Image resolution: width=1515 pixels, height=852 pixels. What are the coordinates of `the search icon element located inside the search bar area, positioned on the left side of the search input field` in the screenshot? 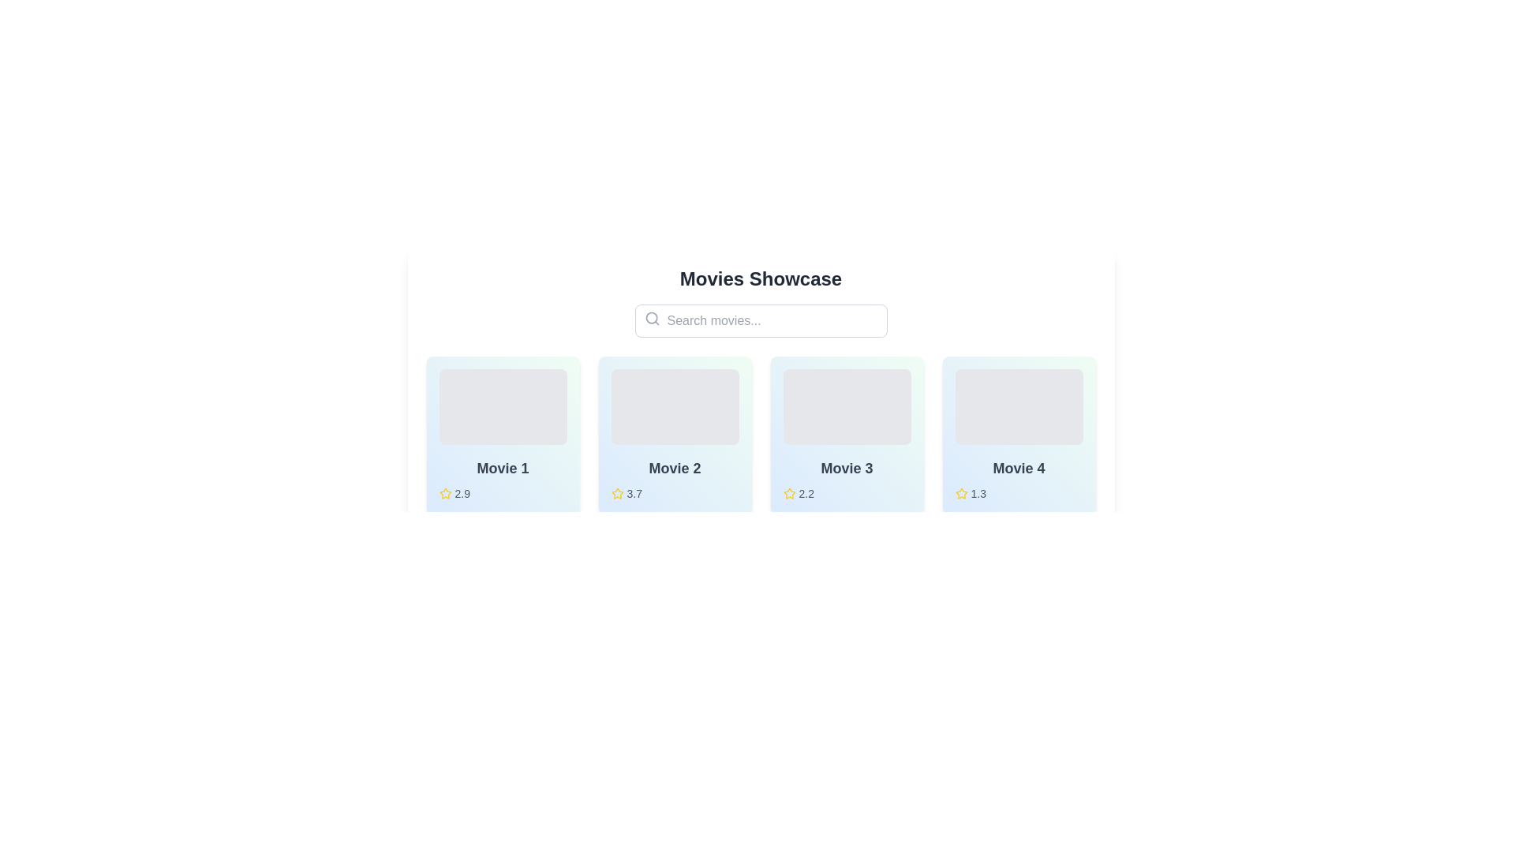 It's located at (651, 318).